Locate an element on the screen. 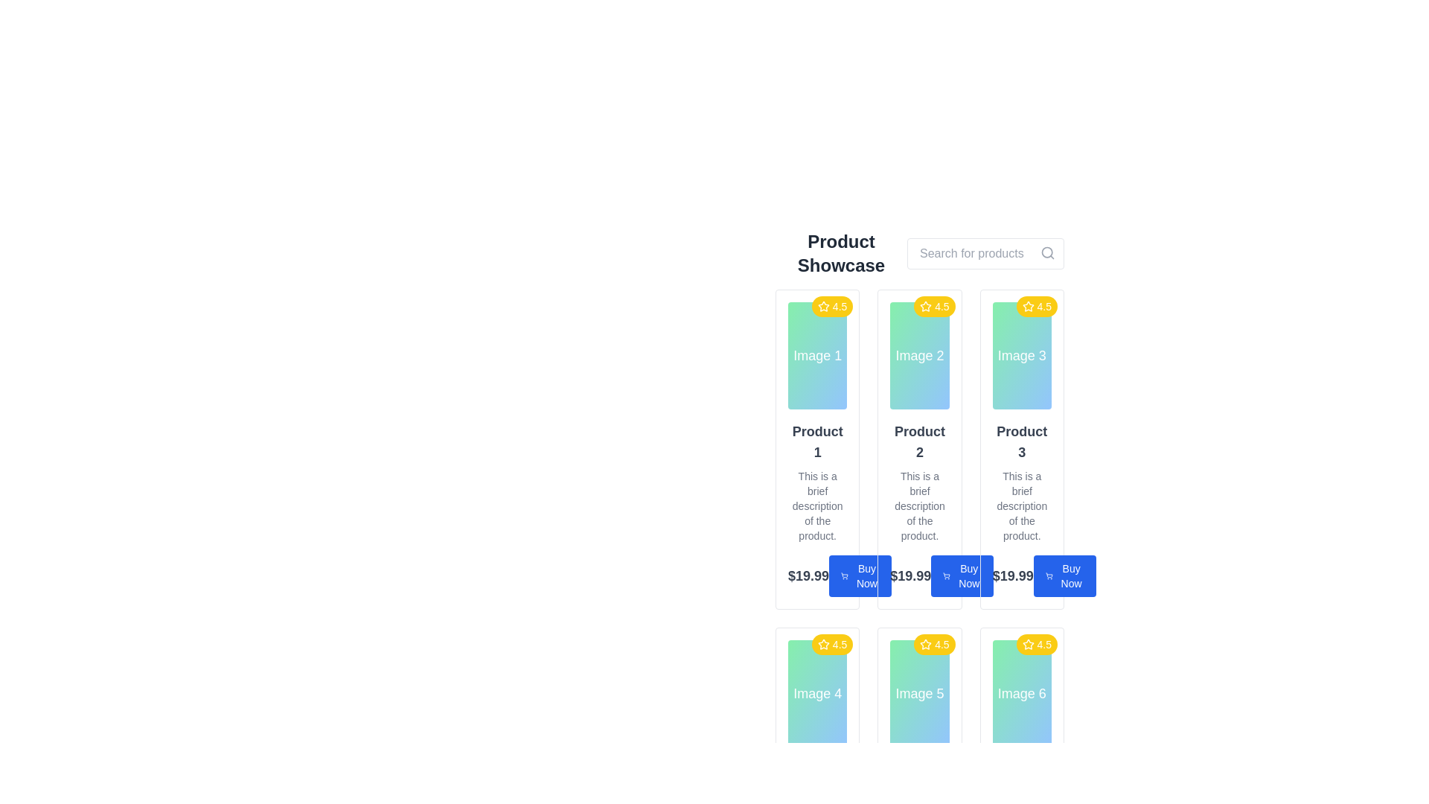 The height and width of the screenshot is (804, 1429). the search icon resembling a magnifying glass located at the top right of the view is located at coordinates (1046, 252).